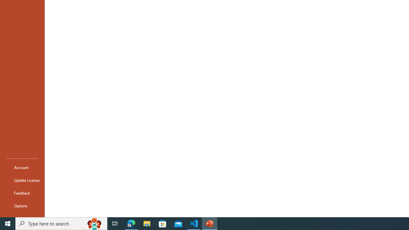 The height and width of the screenshot is (230, 409). What do you see at coordinates (22, 193) in the screenshot?
I see `'Feedback'` at bounding box center [22, 193].